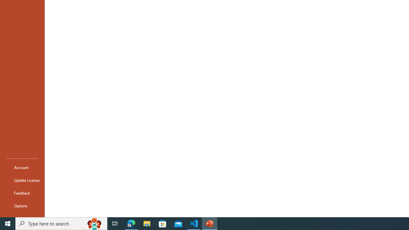 The height and width of the screenshot is (230, 409). What do you see at coordinates (22, 193) in the screenshot?
I see `'Feedback'` at bounding box center [22, 193].